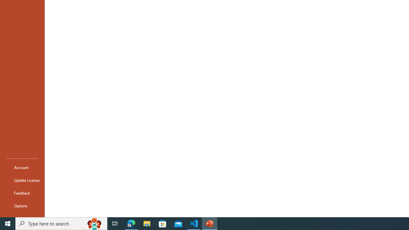 The height and width of the screenshot is (230, 409). What do you see at coordinates (22, 193) in the screenshot?
I see `'Feedback'` at bounding box center [22, 193].